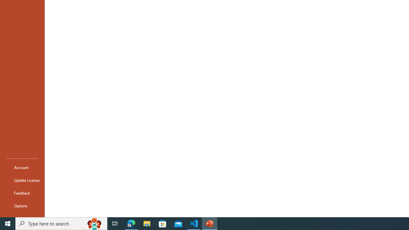 The height and width of the screenshot is (230, 409). What do you see at coordinates (22, 193) in the screenshot?
I see `'Feedback'` at bounding box center [22, 193].